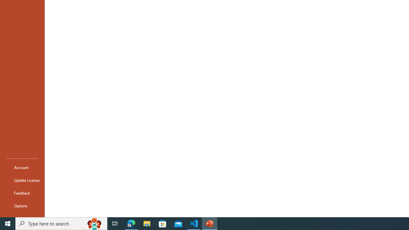 The height and width of the screenshot is (230, 409). What do you see at coordinates (22, 193) in the screenshot?
I see `'Feedback'` at bounding box center [22, 193].